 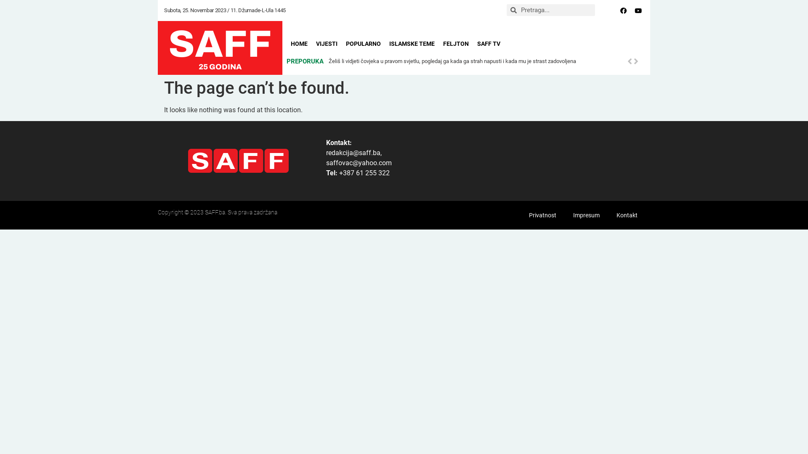 I want to click on 'SAFF TV', so click(x=489, y=44).